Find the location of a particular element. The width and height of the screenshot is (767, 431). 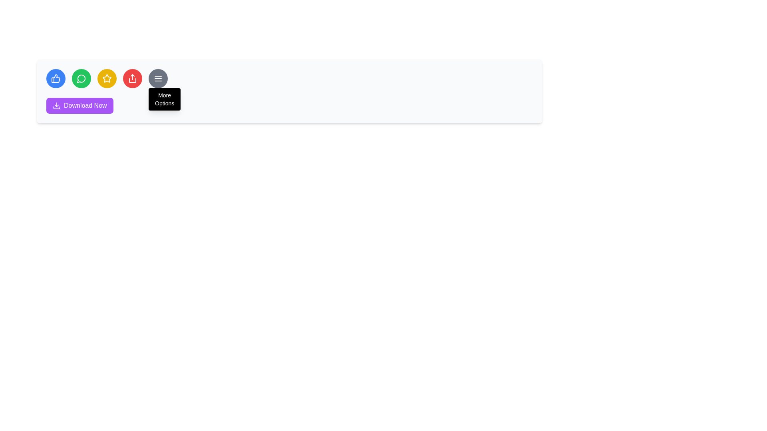

the first circular button in the horizontal row at the top of the interface is located at coordinates (55, 78).